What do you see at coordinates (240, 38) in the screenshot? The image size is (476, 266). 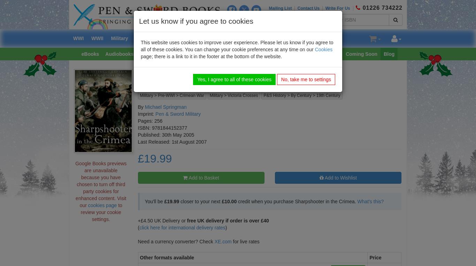 I see `'Transport'` at bounding box center [240, 38].